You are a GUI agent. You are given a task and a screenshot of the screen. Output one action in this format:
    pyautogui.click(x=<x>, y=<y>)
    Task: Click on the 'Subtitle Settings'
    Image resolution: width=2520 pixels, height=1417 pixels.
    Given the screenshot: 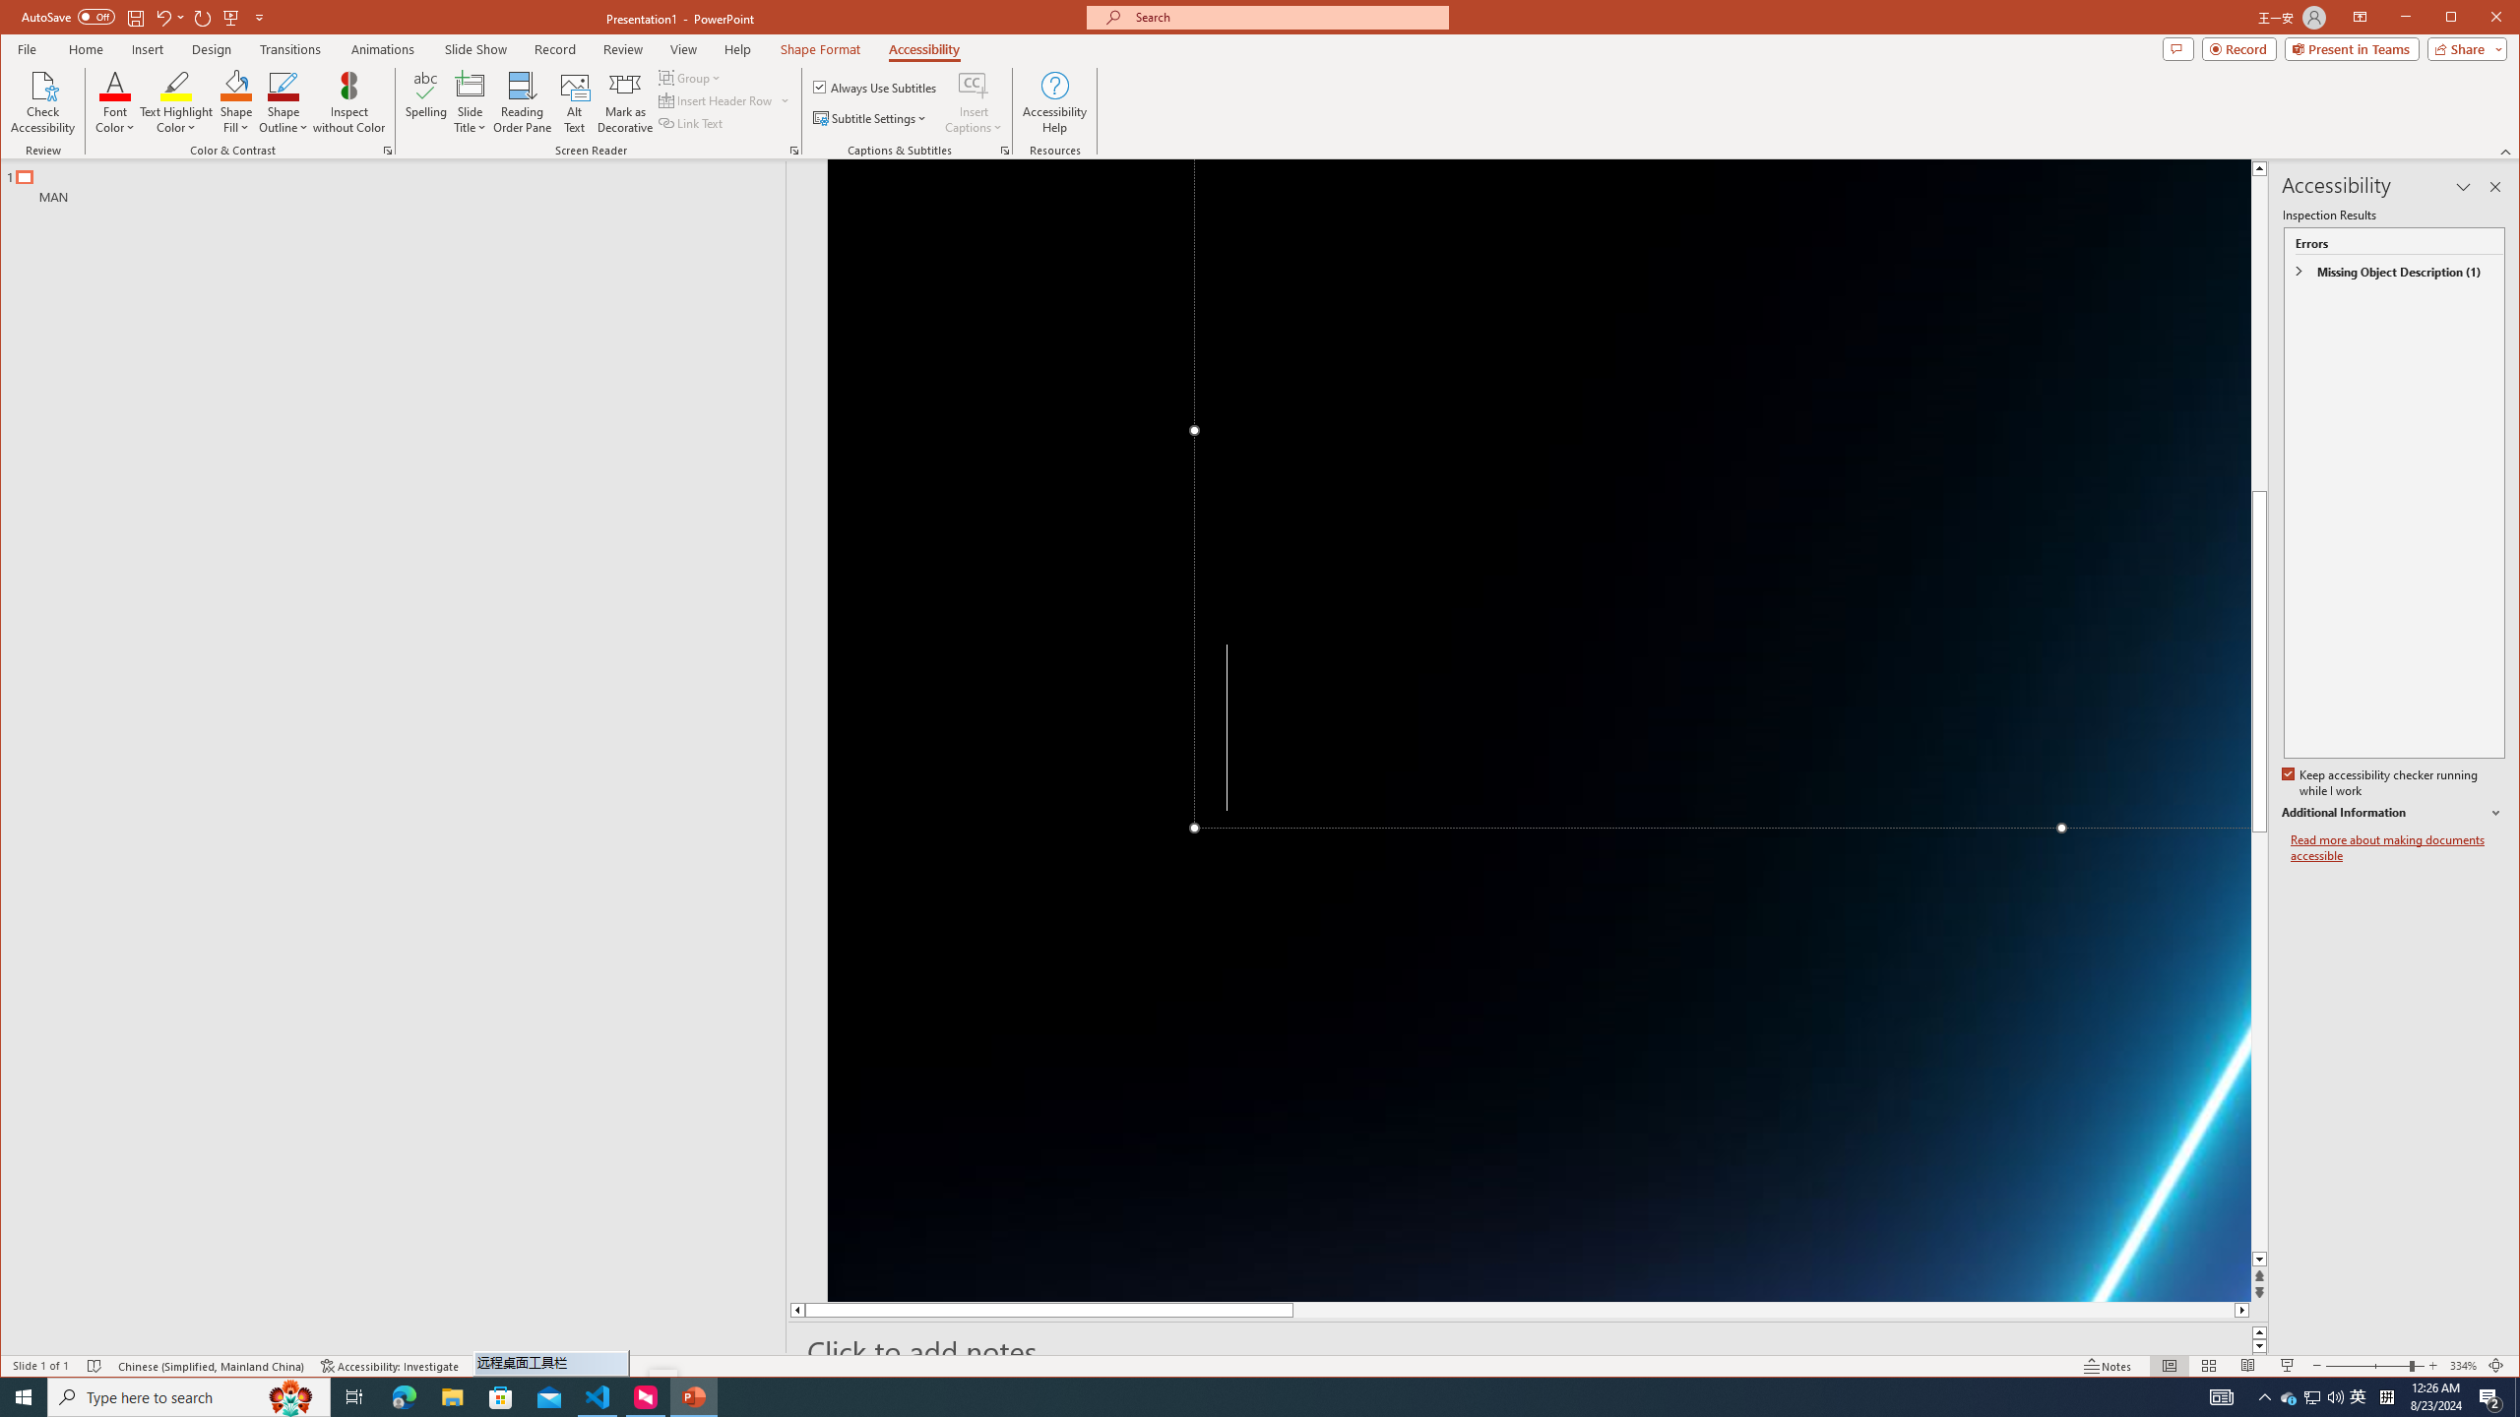 What is the action you would take?
    pyautogui.click(x=870, y=117)
    